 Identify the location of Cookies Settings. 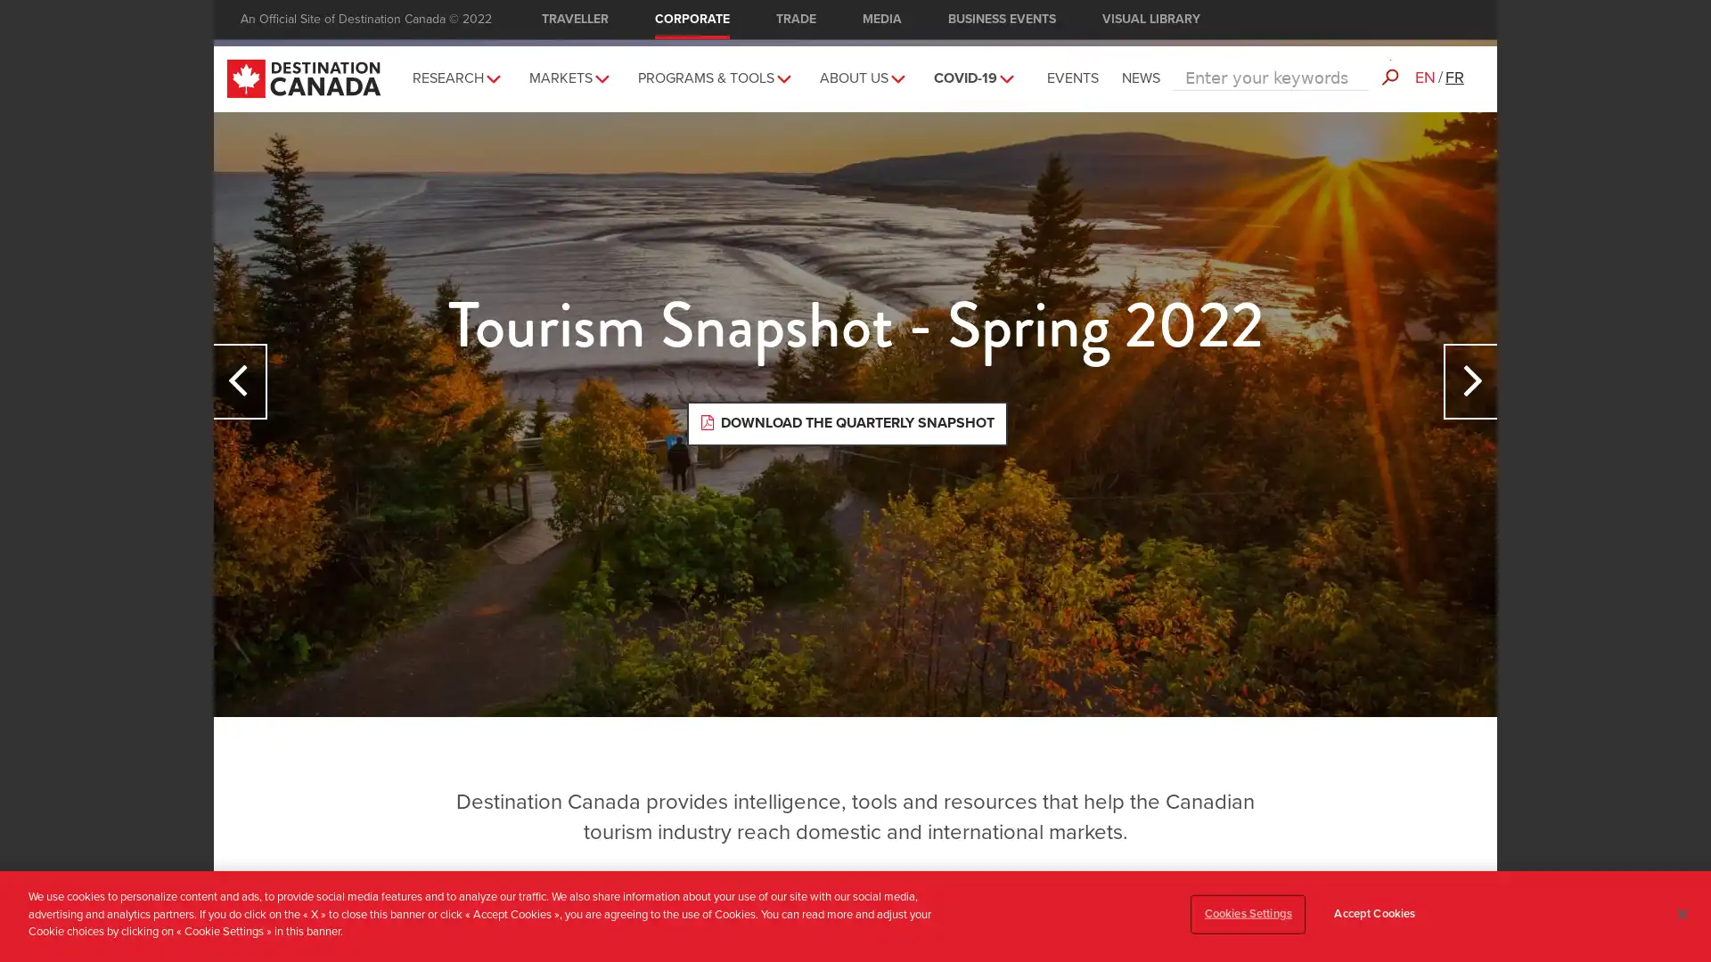
(1247, 914).